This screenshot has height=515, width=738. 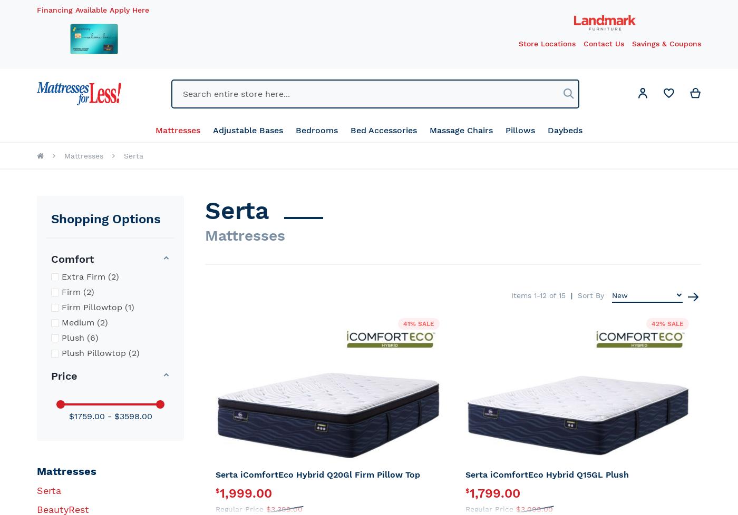 What do you see at coordinates (604, 43) in the screenshot?
I see `'Contact Us'` at bounding box center [604, 43].